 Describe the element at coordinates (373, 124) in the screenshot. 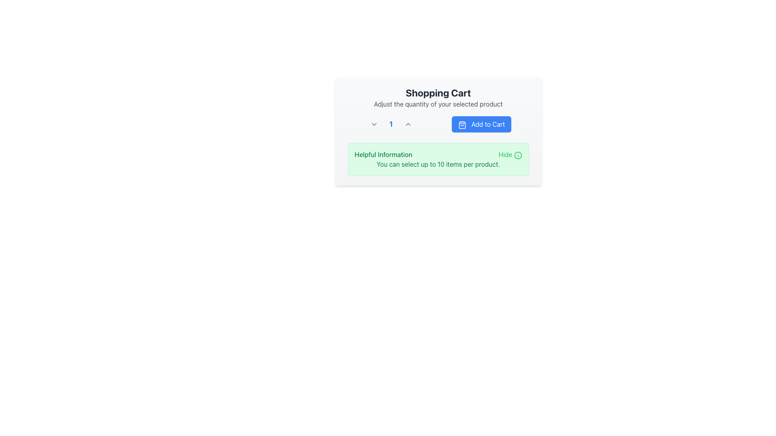

I see `the downward-pointing chevron icon indicating the dropdown menu, located beneath the quantity input field` at that location.